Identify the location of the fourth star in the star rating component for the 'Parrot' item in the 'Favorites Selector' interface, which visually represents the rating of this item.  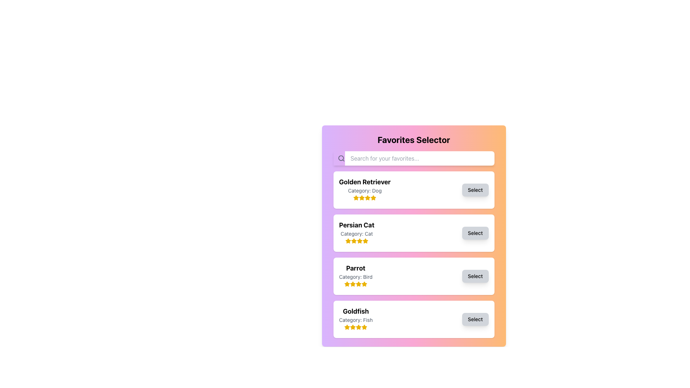
(359, 283).